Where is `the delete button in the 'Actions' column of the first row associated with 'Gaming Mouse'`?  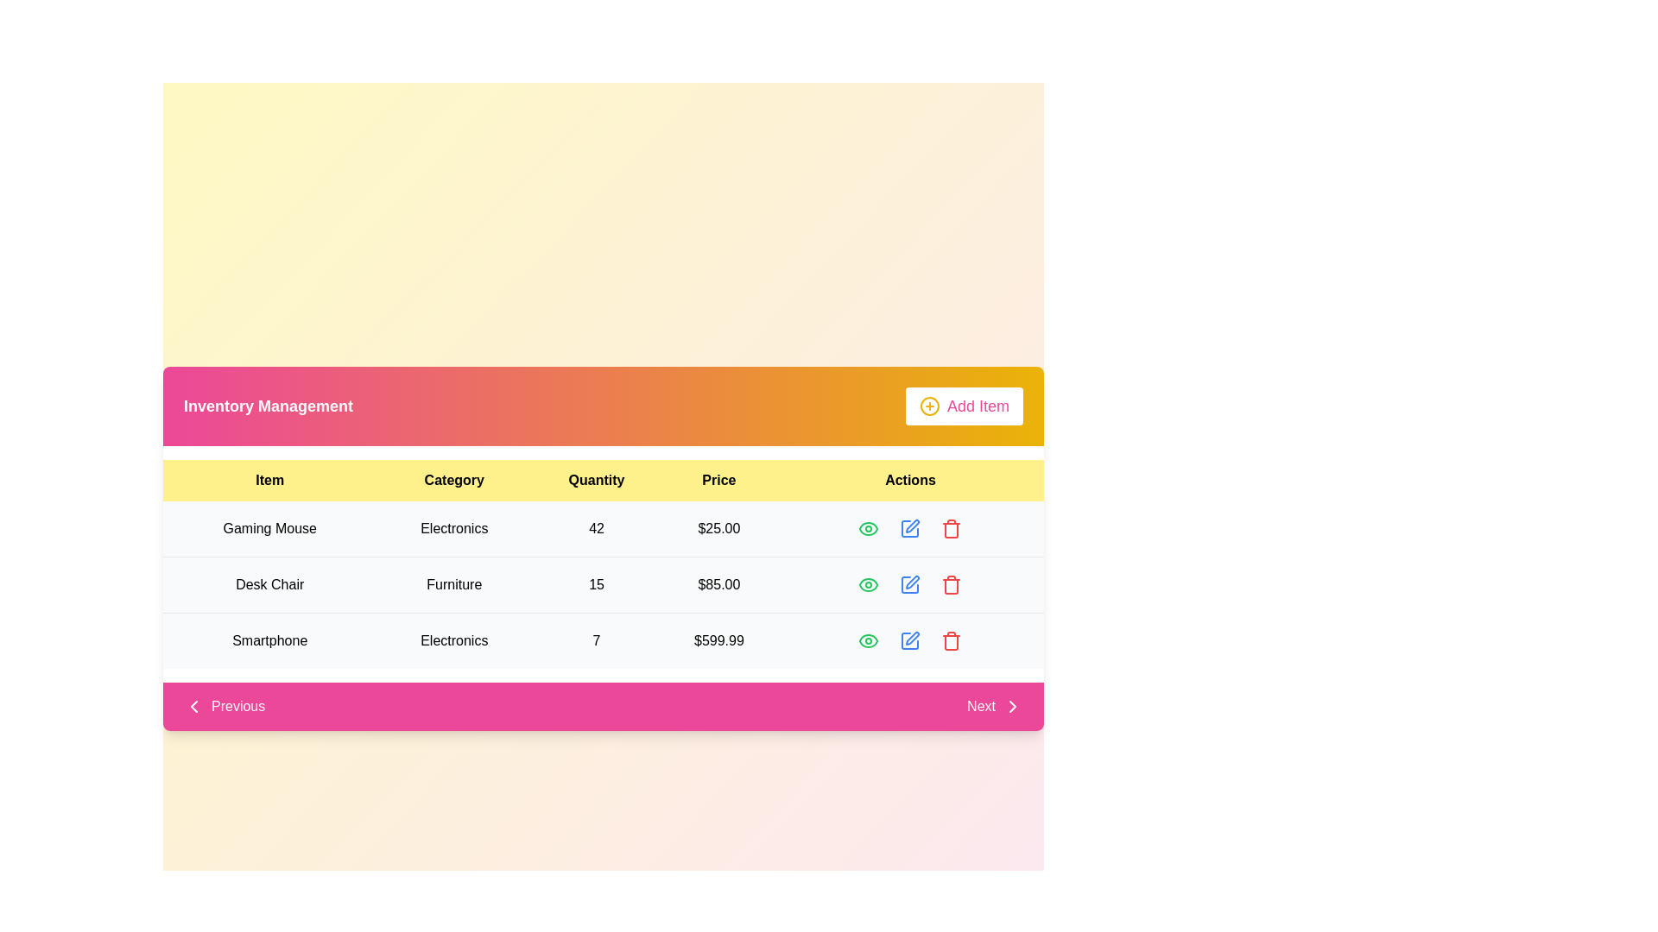 the delete button in the 'Actions' column of the first row associated with 'Gaming Mouse' is located at coordinates (951, 528).